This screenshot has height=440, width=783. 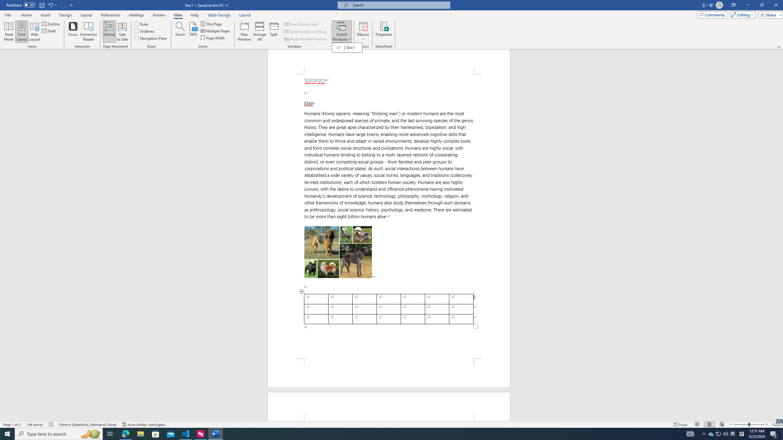 I want to click on 'Search highlights icon opens search home window', so click(x=90, y=433).